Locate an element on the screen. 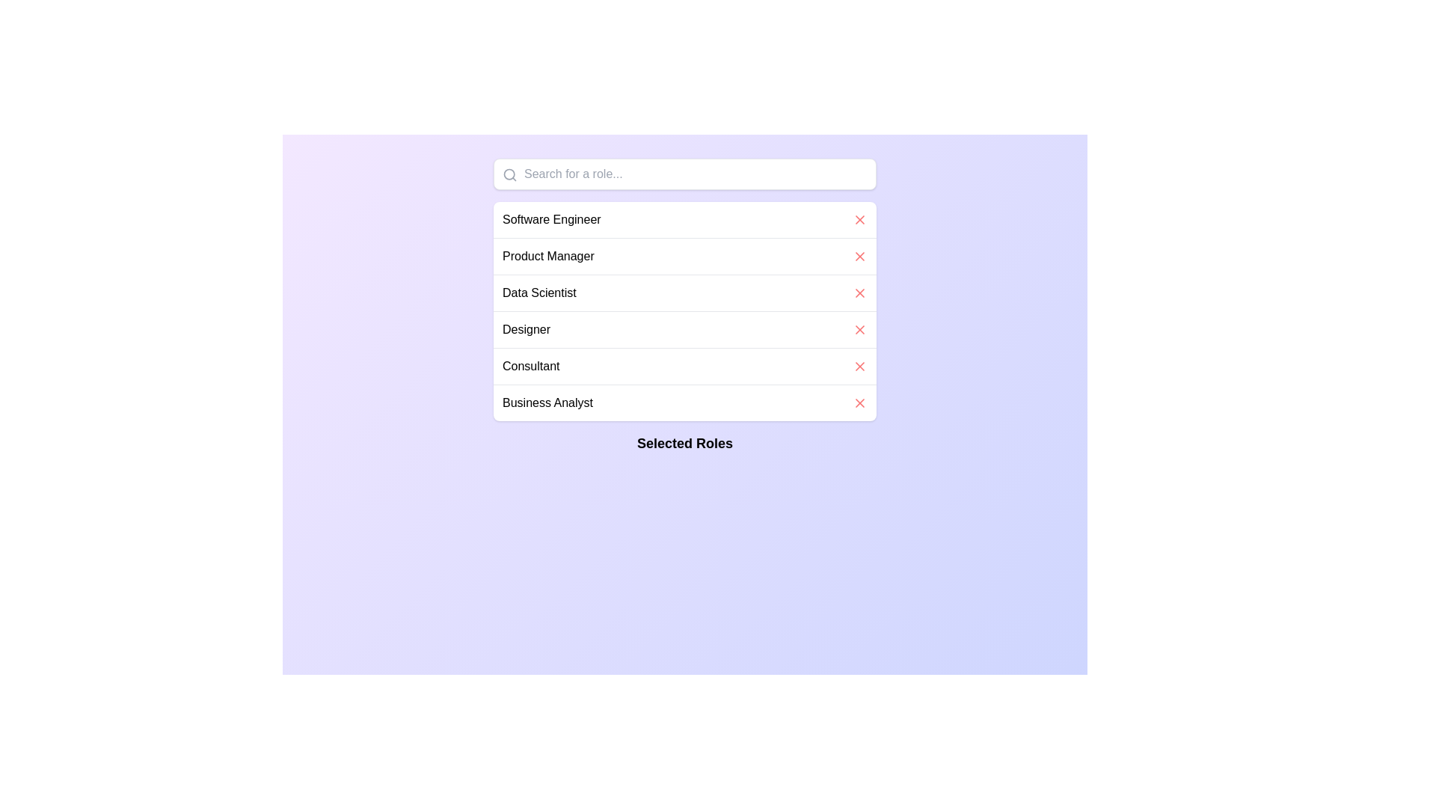  to select the role displayed in the text label showing 'Consultant', which is located in the fifth row of a vertically aligned list of roles is located at coordinates (531, 366).